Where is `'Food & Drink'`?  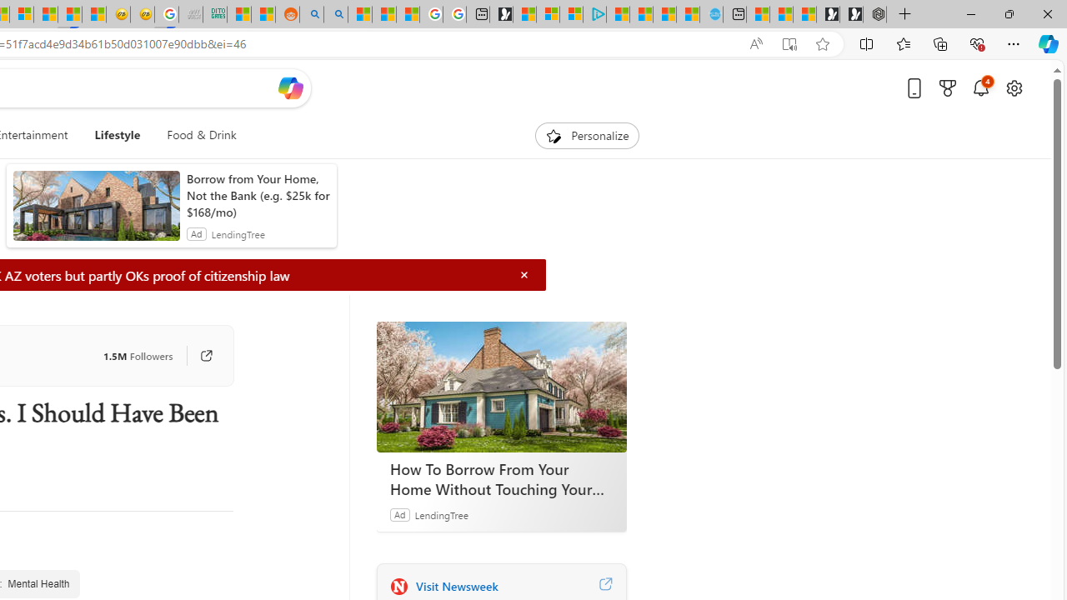 'Food & Drink' is located at coordinates (195, 135).